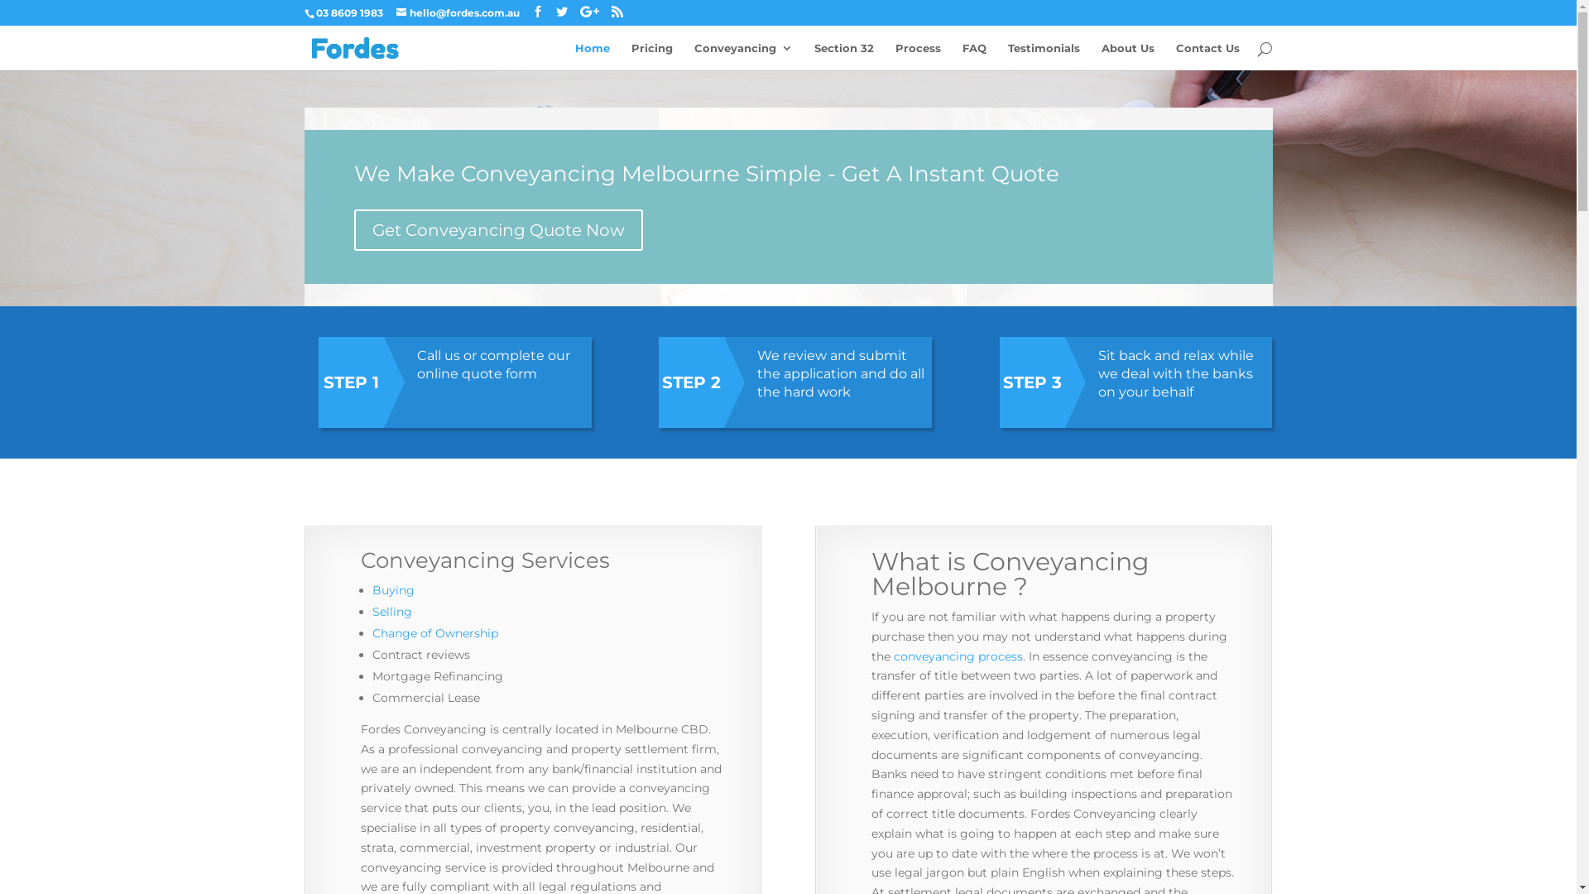 The height and width of the screenshot is (894, 1589). Describe the element at coordinates (958, 656) in the screenshot. I see `'conveyancing process'` at that location.